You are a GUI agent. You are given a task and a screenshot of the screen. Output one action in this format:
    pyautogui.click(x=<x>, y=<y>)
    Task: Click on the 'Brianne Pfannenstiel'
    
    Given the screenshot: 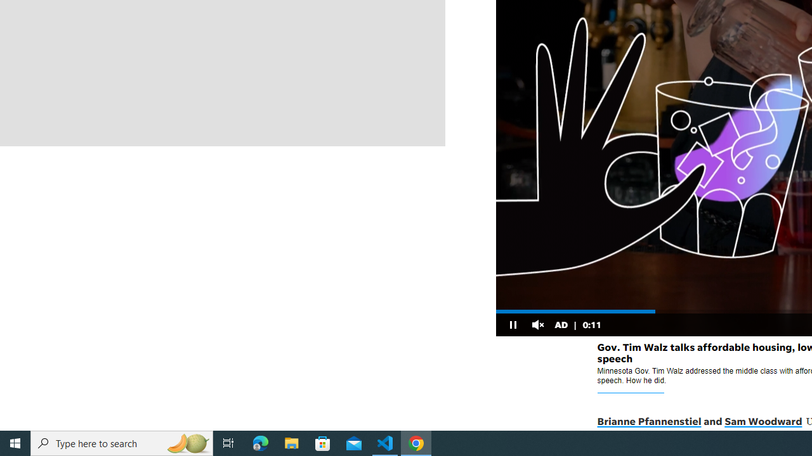 What is the action you would take?
    pyautogui.click(x=649, y=422)
    